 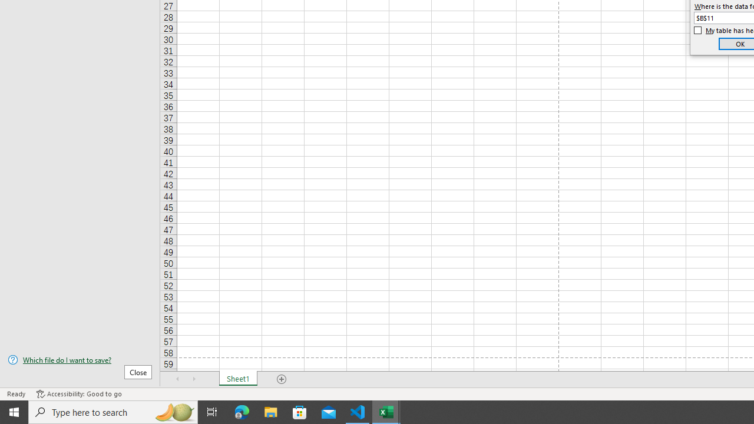 What do you see at coordinates (80, 359) in the screenshot?
I see `'Which file do I want to save?'` at bounding box center [80, 359].